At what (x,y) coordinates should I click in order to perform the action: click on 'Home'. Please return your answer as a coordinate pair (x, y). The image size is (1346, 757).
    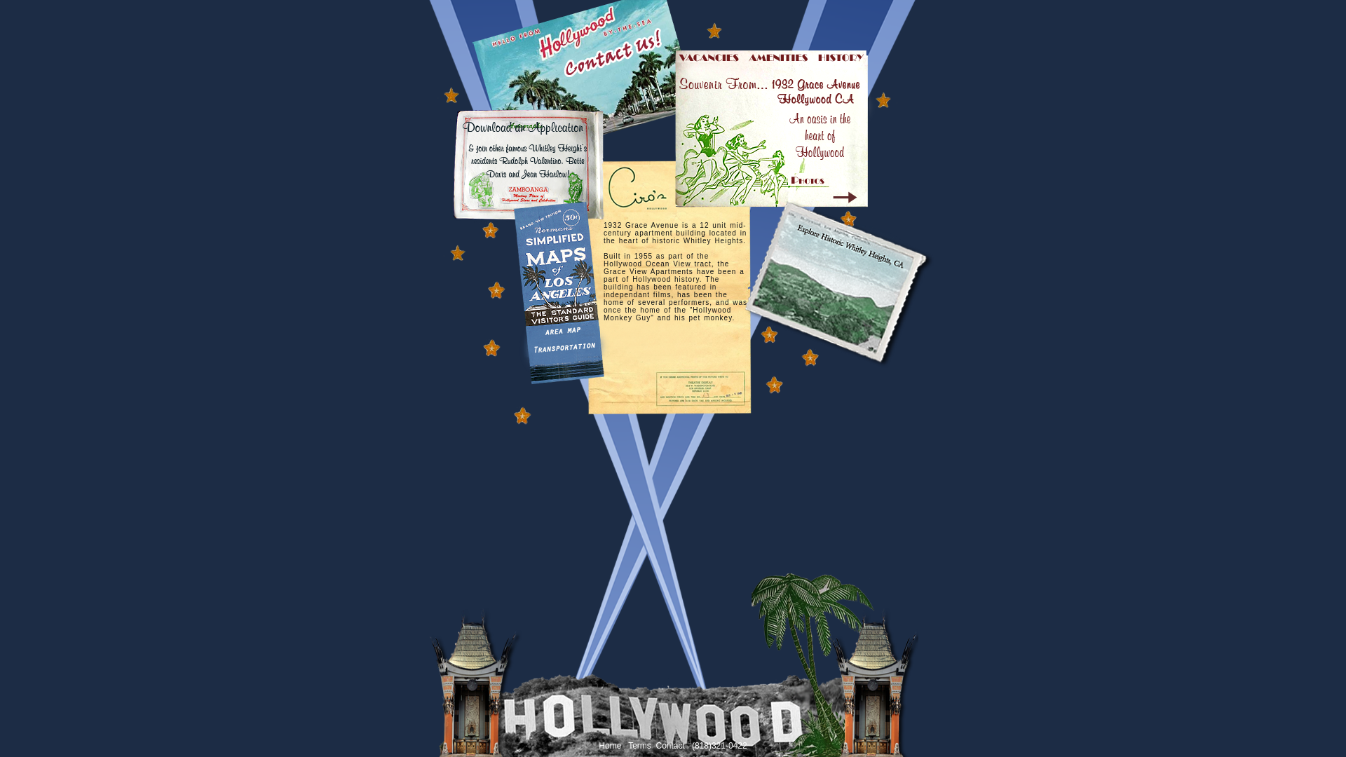
    Looking at the image, I should click on (609, 745).